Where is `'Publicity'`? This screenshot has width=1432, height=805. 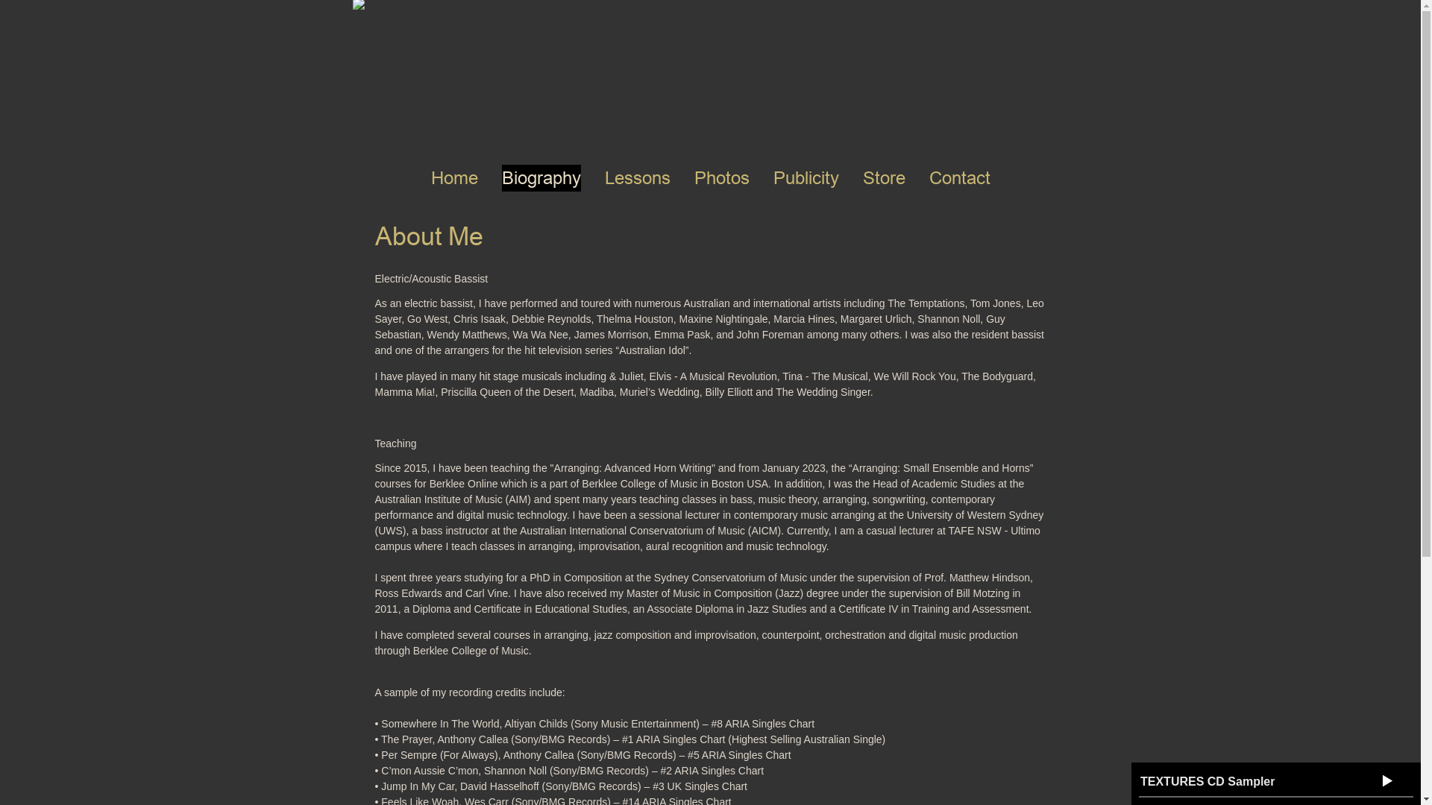
'Publicity' is located at coordinates (805, 177).